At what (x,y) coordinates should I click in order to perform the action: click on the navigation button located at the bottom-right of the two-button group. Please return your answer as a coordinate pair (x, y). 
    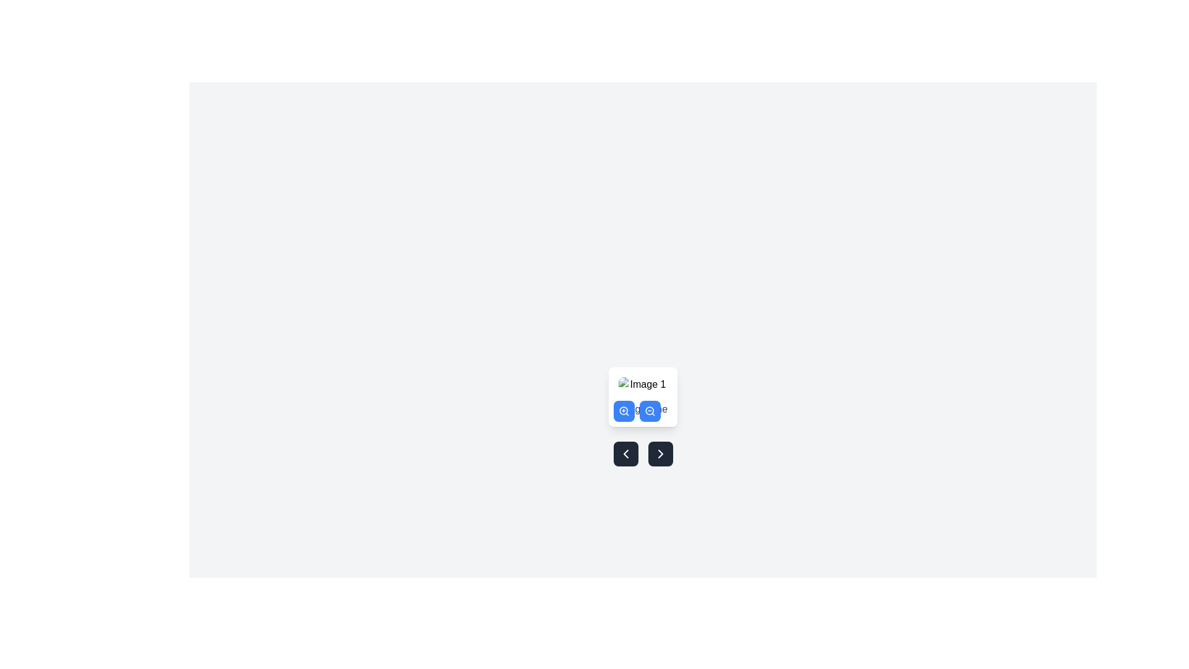
    Looking at the image, I should click on (660, 453).